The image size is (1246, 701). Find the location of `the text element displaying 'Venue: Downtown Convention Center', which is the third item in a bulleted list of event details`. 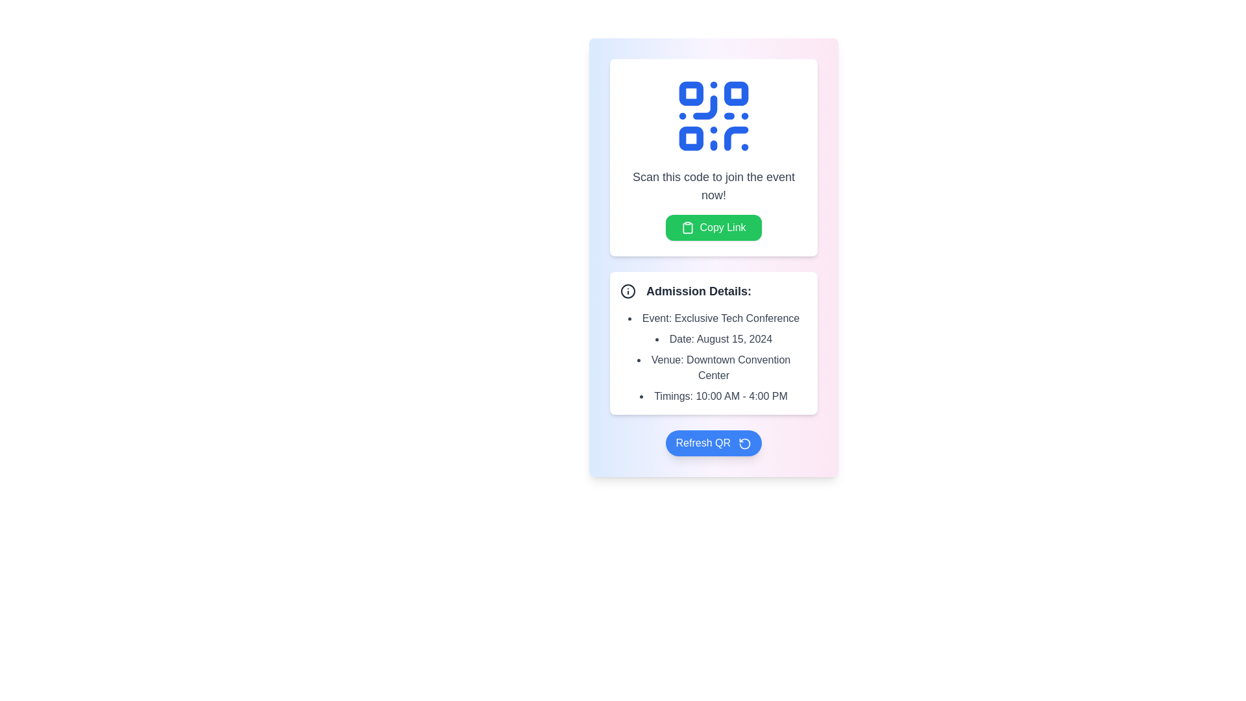

the text element displaying 'Venue: Downtown Convention Center', which is the third item in a bulleted list of event details is located at coordinates (713, 368).